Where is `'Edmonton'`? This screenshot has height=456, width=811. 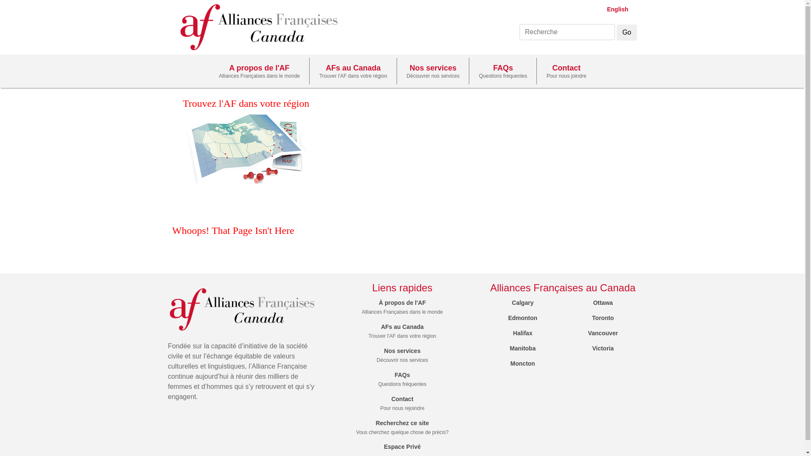 'Edmonton' is located at coordinates (522, 318).